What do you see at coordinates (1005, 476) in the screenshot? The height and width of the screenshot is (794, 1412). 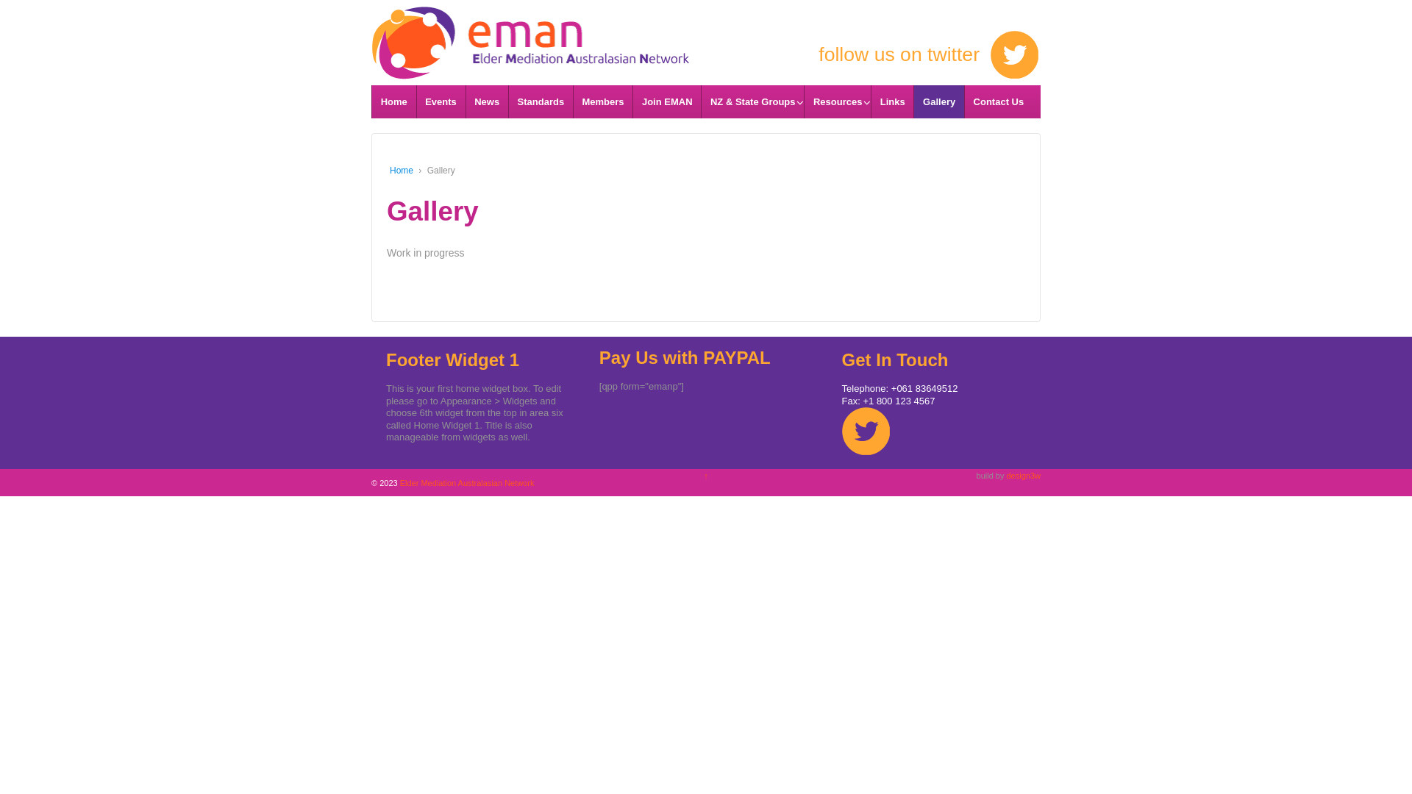 I see `'design3w'` at bounding box center [1005, 476].